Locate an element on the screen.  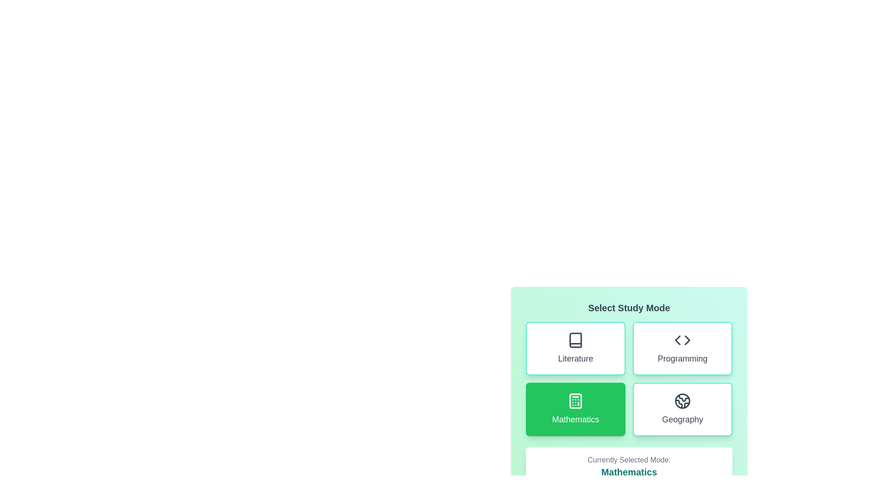
the study mode Programming by clicking its respective button is located at coordinates (683, 349).